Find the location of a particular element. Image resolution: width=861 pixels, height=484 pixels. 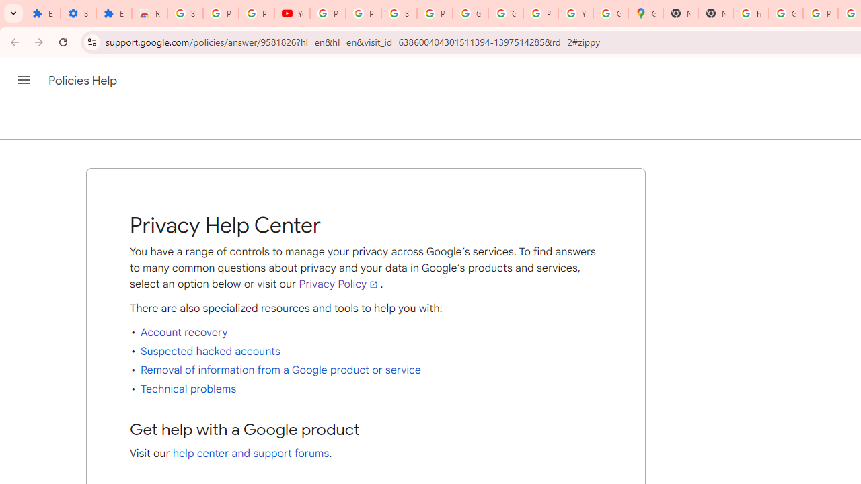

'help center and support forums' is located at coordinates (251, 454).